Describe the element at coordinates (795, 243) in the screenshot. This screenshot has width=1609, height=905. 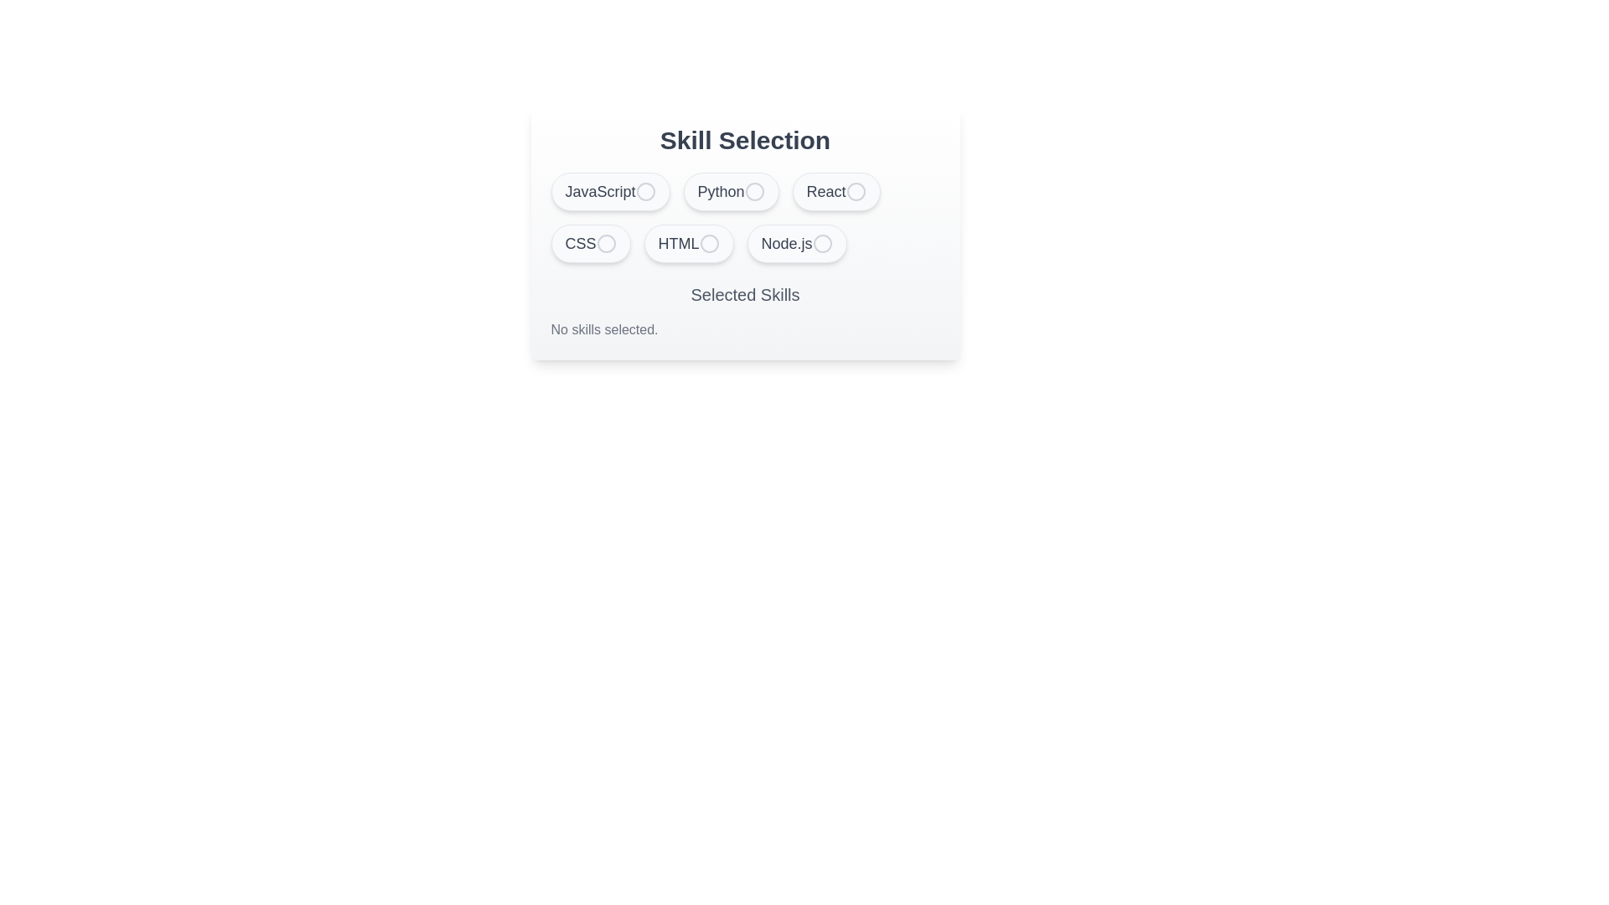
I see `the 'Node.js' button, which is a rounded button with a light gray background and a circular icon` at that location.